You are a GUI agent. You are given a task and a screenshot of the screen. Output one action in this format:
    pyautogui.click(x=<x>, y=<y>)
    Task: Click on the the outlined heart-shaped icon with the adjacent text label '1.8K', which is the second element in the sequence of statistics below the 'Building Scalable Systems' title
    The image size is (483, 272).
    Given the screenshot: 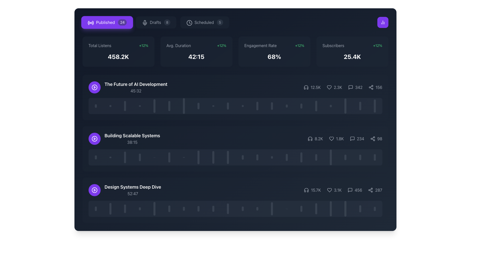 What is the action you would take?
    pyautogui.click(x=336, y=139)
    